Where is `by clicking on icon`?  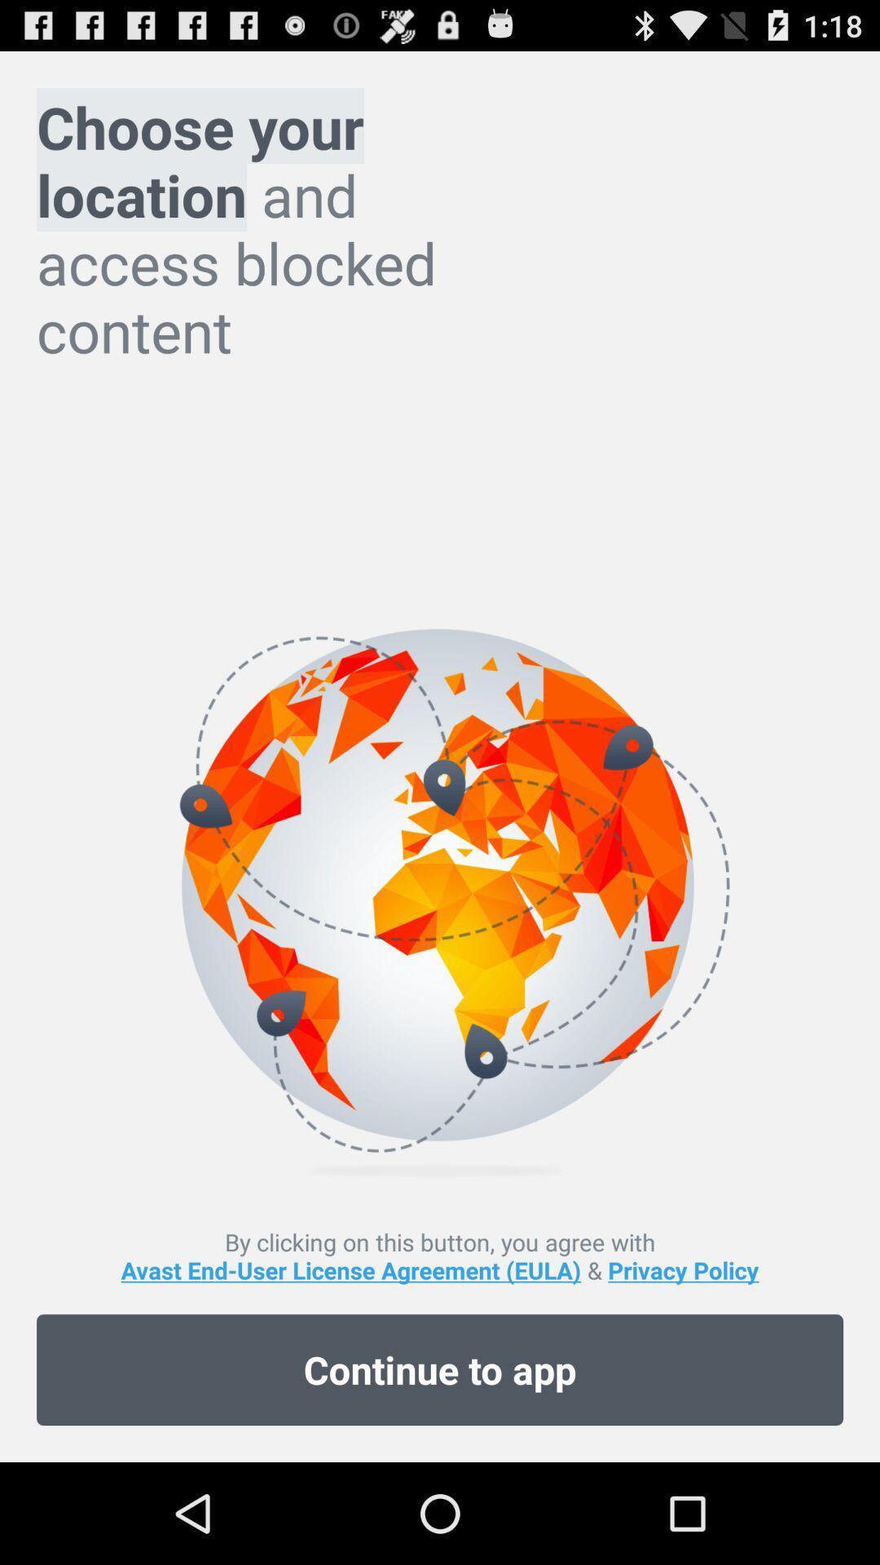
by clicking on icon is located at coordinates (440, 1254).